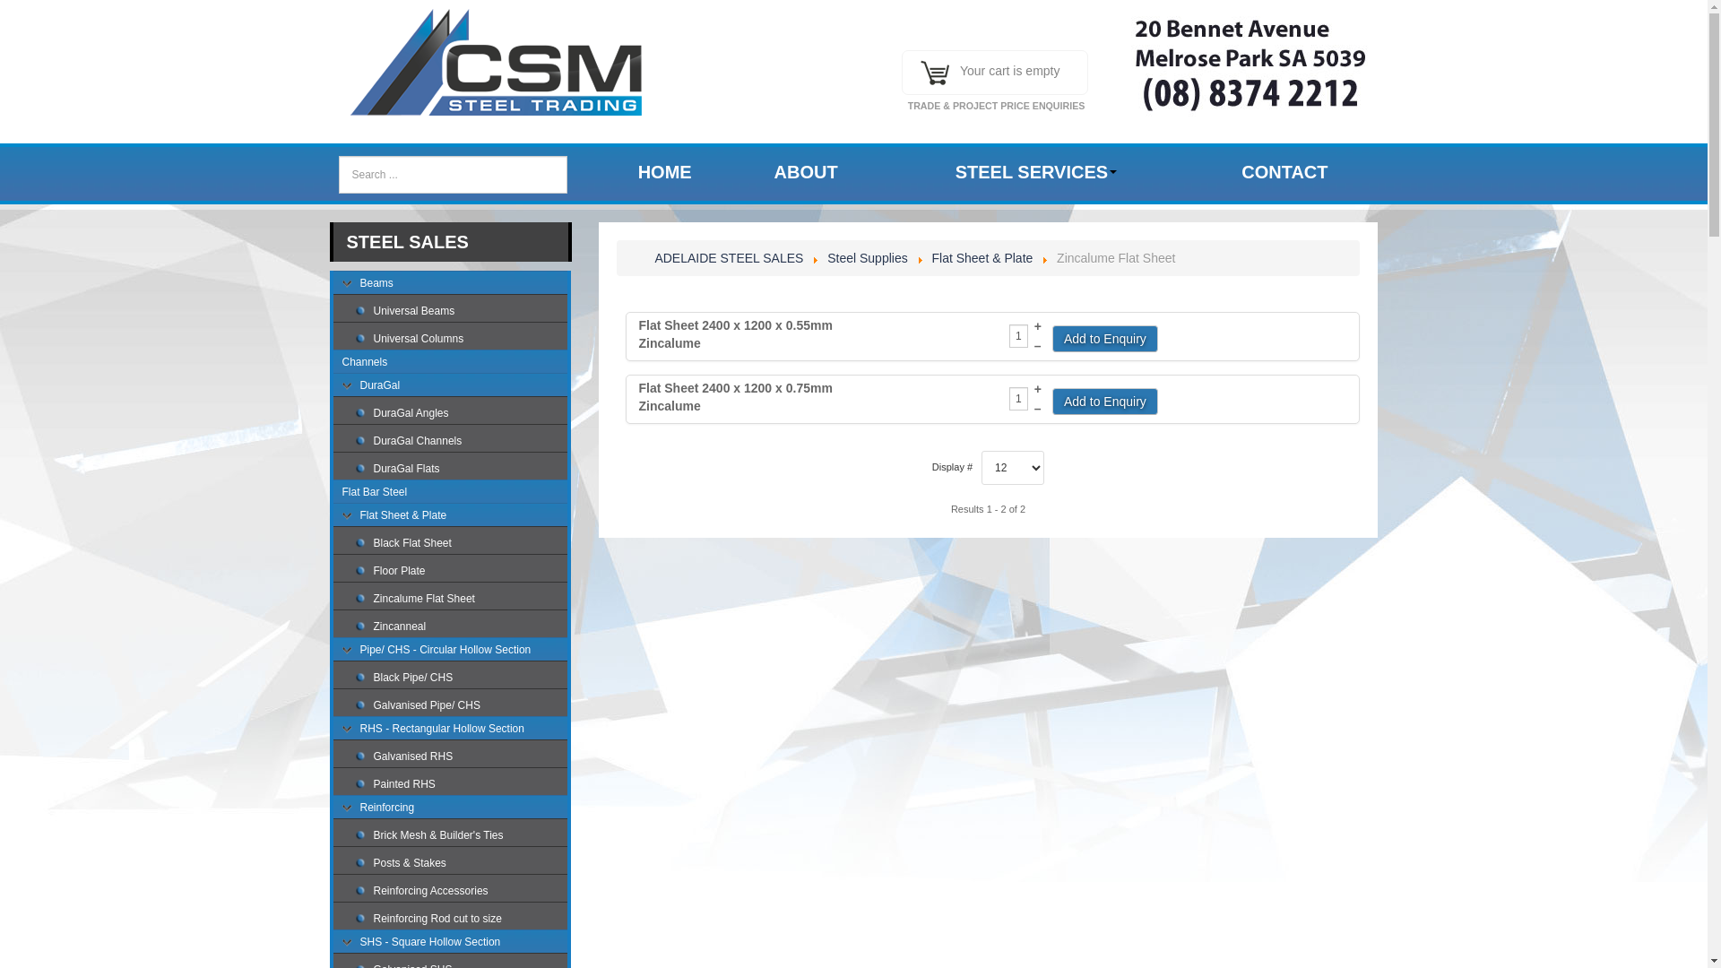 Image resolution: width=1721 pixels, height=968 pixels. I want to click on 'CONTACT', so click(1284, 172).